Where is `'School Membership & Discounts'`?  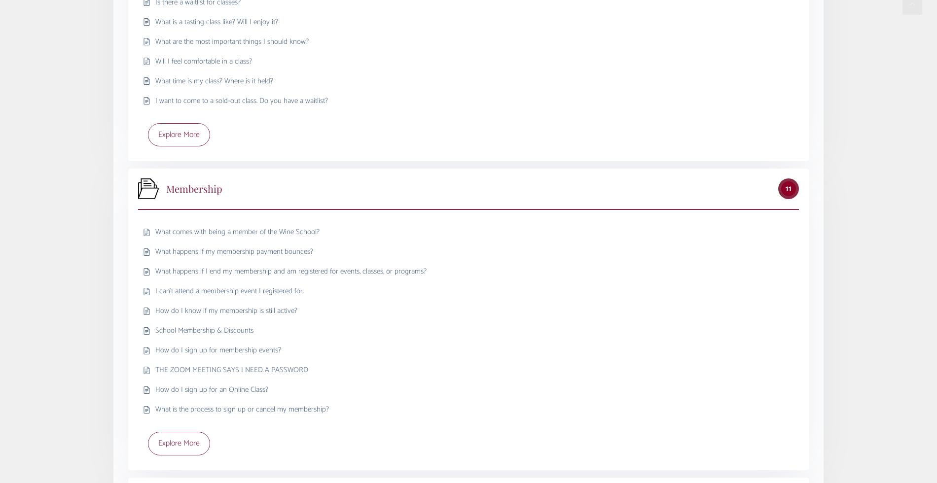 'School Membership & Discounts' is located at coordinates (204, 330).